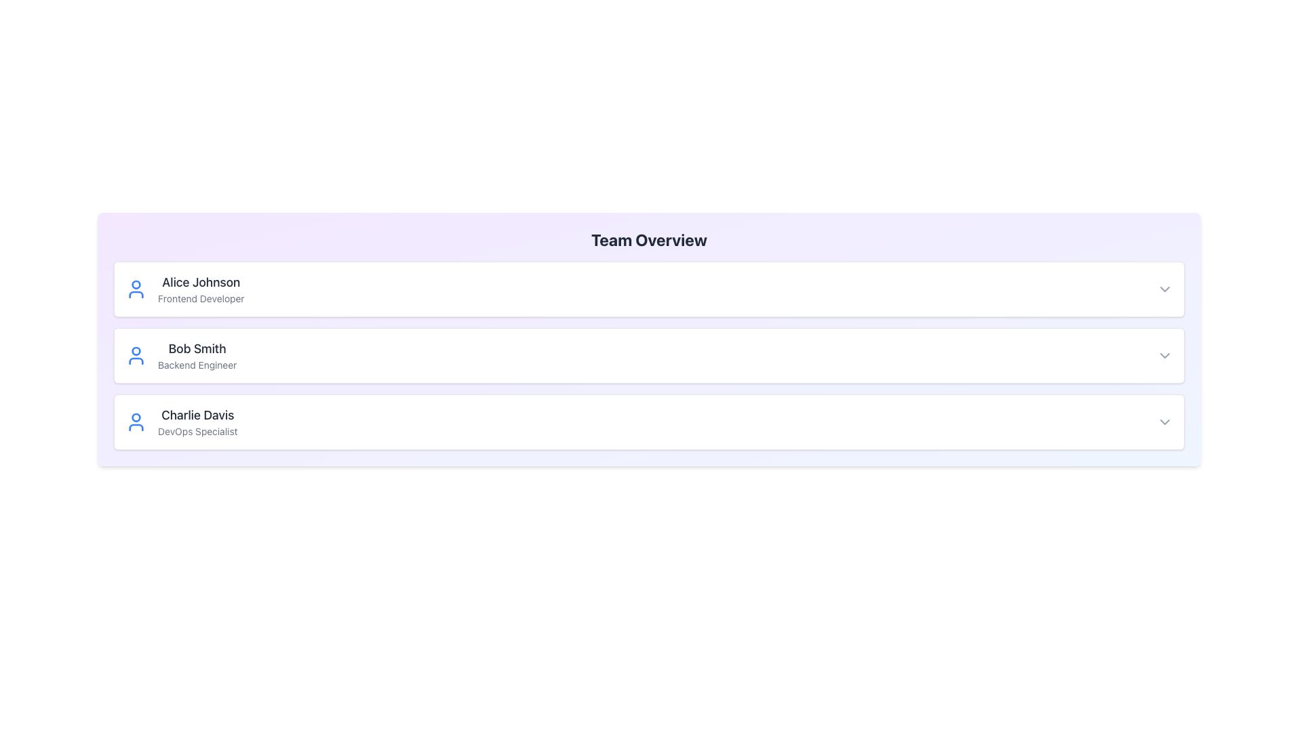 This screenshot has height=732, width=1302. What do you see at coordinates (197, 431) in the screenshot?
I see `the text element displaying 'DevOps Specialist', which is positioned below 'Charlie Davis' and aligned to the left` at bounding box center [197, 431].